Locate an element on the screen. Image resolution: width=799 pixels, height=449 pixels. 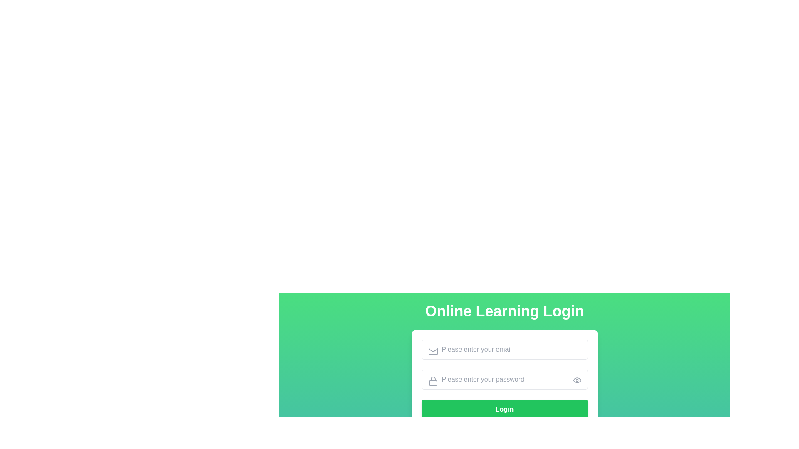
the submission button located at the bottom of the card-like structure to change its appearance is located at coordinates (504, 409).